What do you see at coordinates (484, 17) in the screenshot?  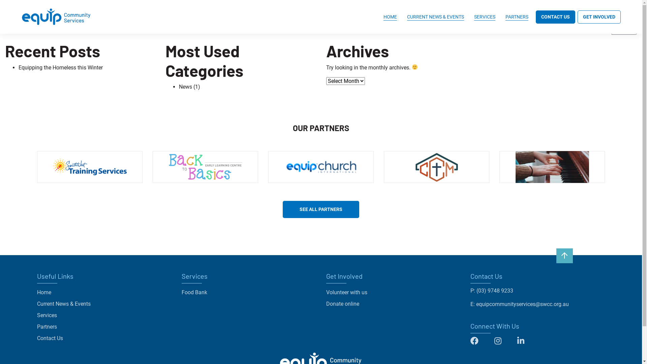 I see `'SERVICES'` at bounding box center [484, 17].